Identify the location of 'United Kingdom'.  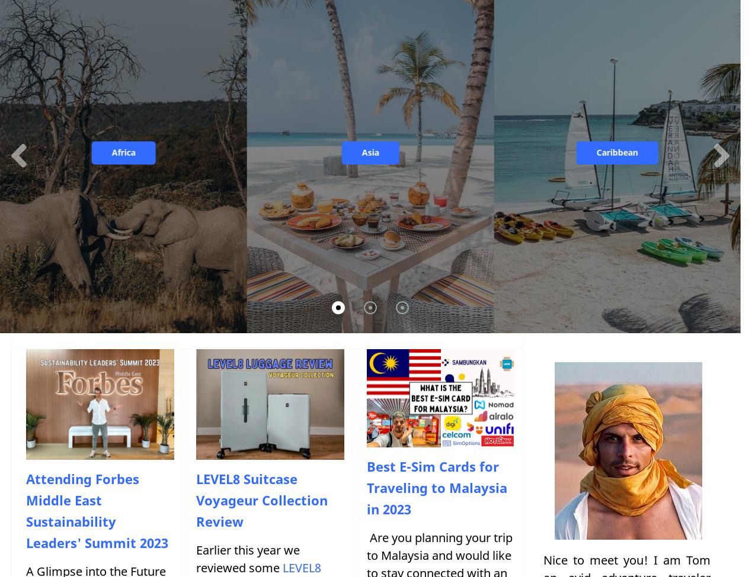
(338, 339).